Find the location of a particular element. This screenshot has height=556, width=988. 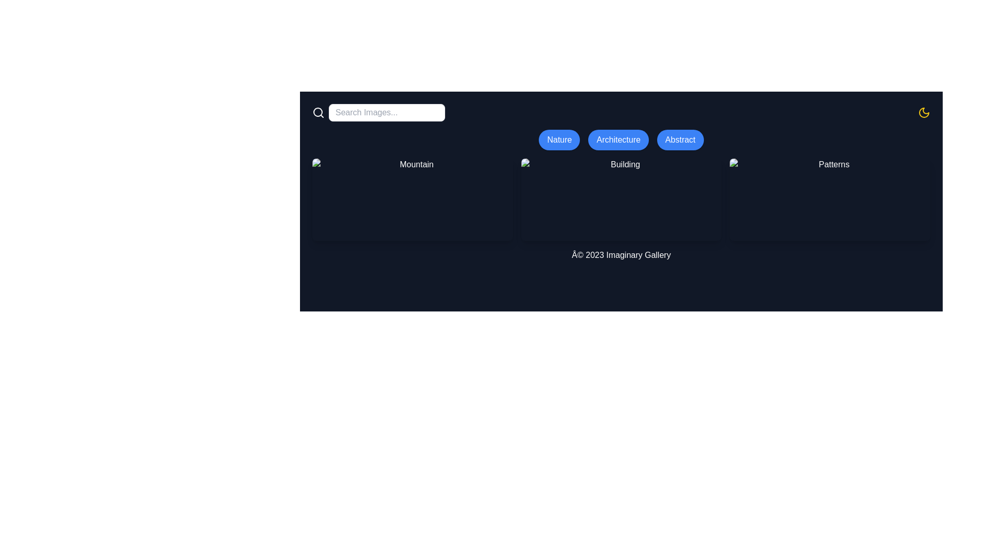

the text input field for searching images to focus on it is located at coordinates (386, 113).